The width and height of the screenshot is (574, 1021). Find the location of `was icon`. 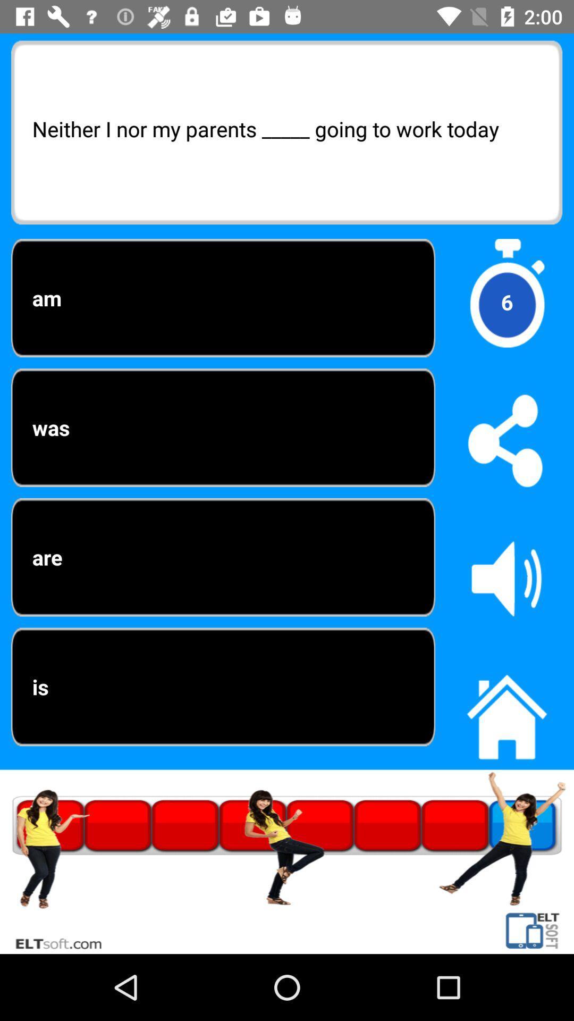

was icon is located at coordinates (223, 428).